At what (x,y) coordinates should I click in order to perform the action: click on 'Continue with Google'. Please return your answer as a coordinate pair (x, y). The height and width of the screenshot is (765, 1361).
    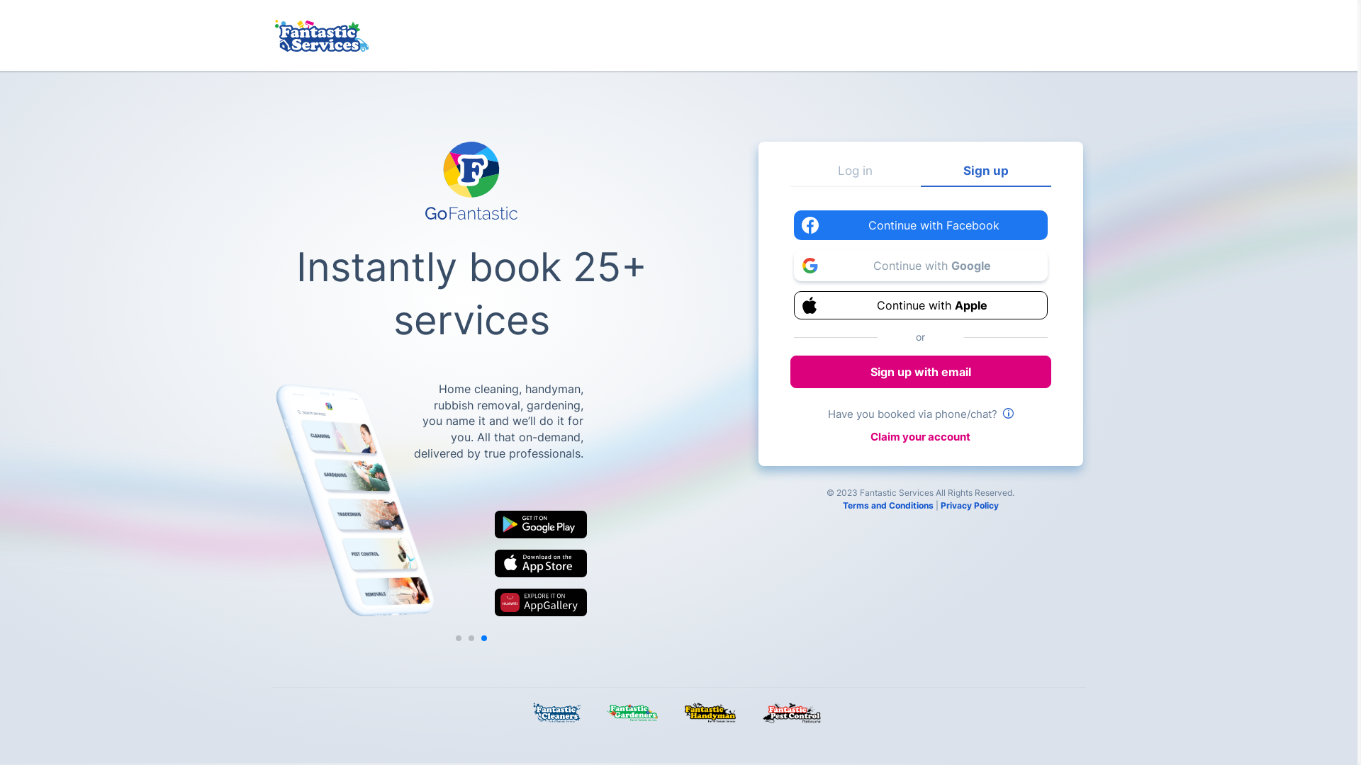
    Looking at the image, I should click on (921, 265).